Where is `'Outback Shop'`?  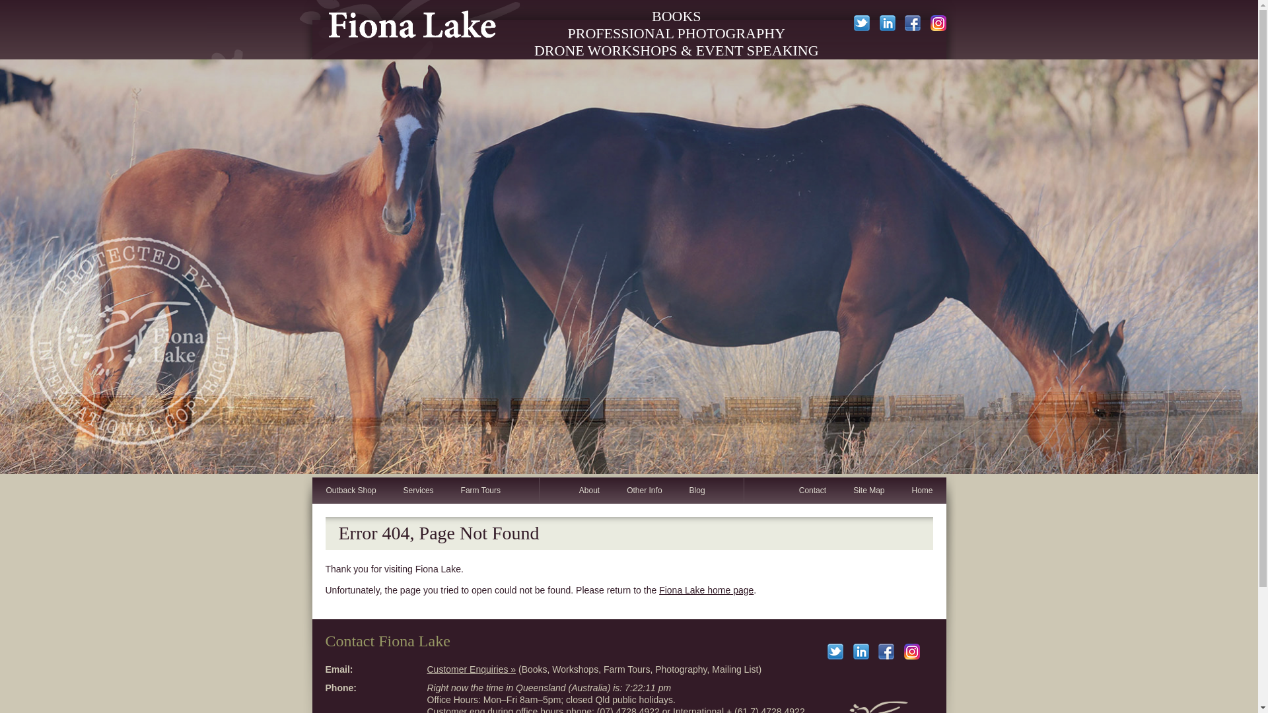
'Outback Shop' is located at coordinates (350, 491).